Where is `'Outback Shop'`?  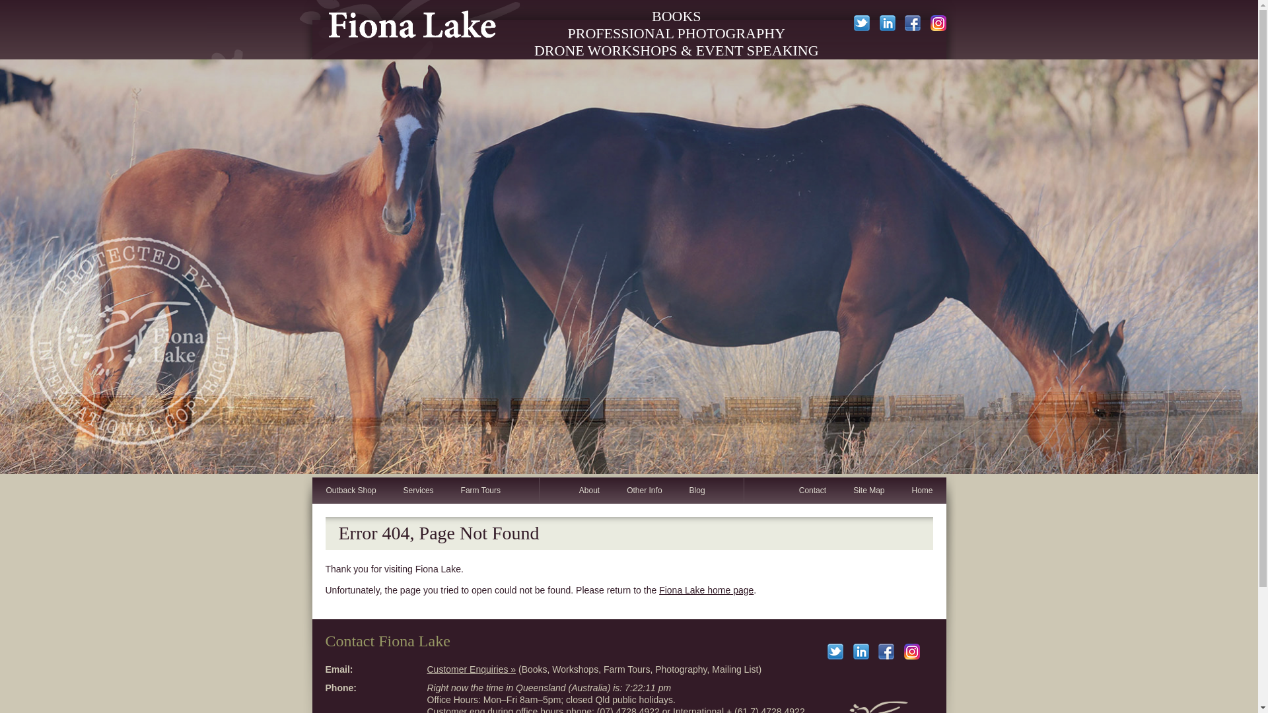
'Outback Shop' is located at coordinates (350, 491).